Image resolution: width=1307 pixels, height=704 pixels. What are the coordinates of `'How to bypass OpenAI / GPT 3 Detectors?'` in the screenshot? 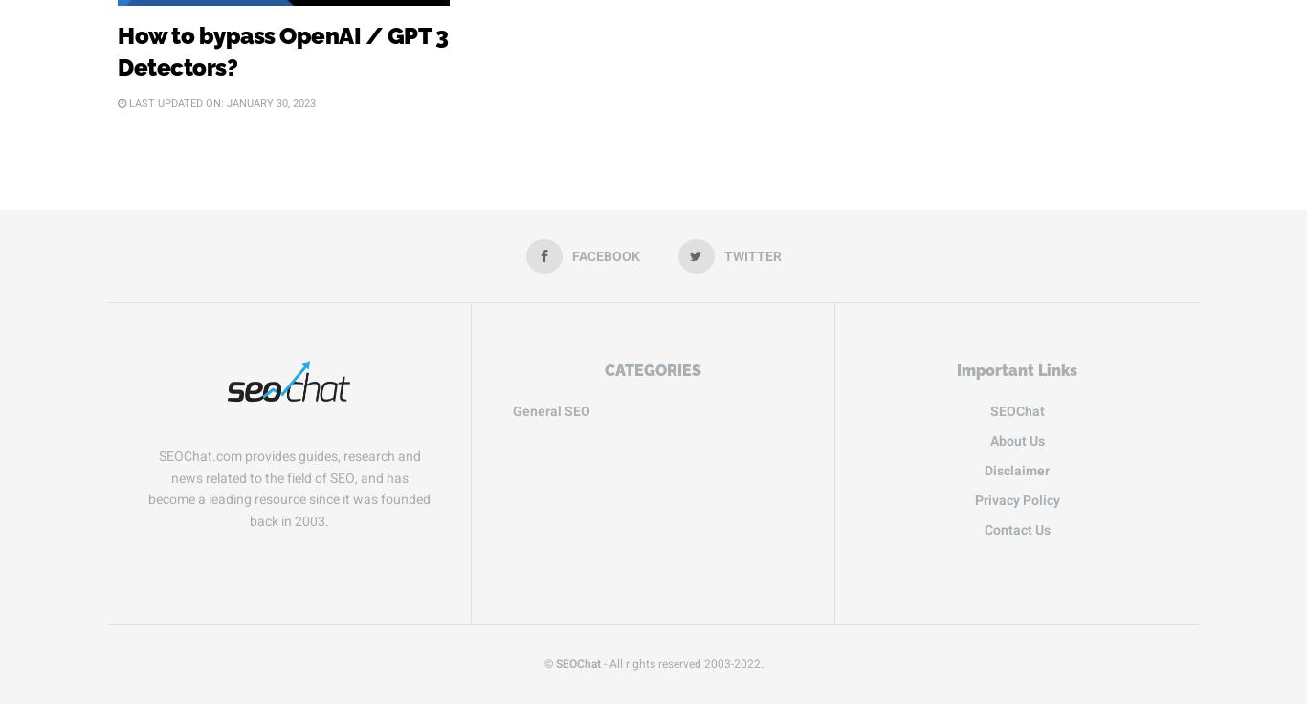 It's located at (282, 51).